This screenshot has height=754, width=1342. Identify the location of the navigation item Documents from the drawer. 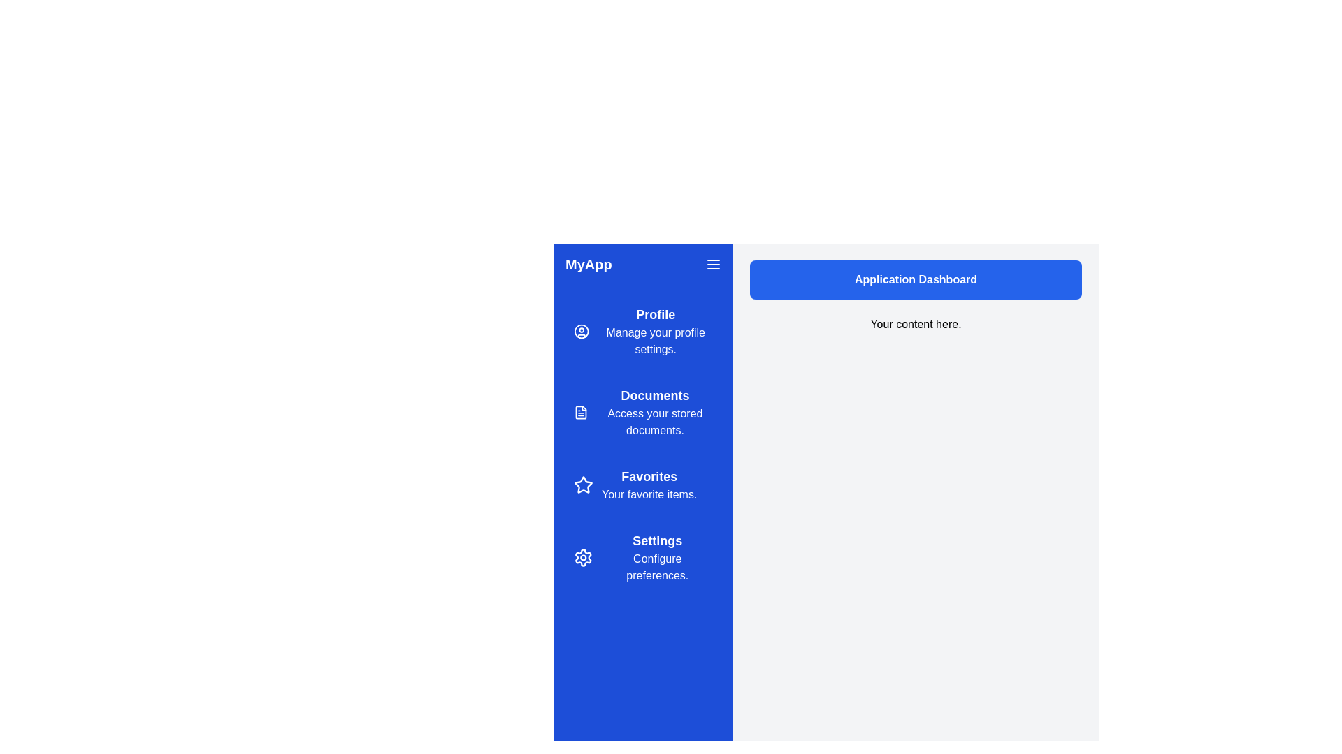
(643, 411).